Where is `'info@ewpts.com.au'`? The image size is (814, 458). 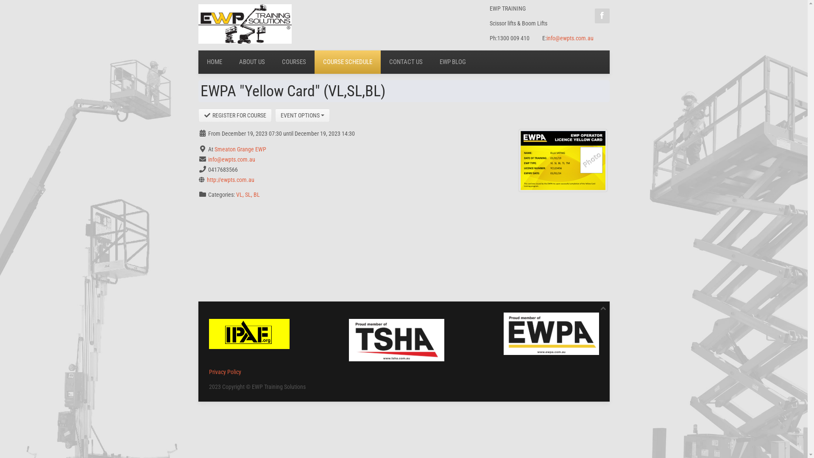 'info@ewpts.com.au' is located at coordinates (569, 37).